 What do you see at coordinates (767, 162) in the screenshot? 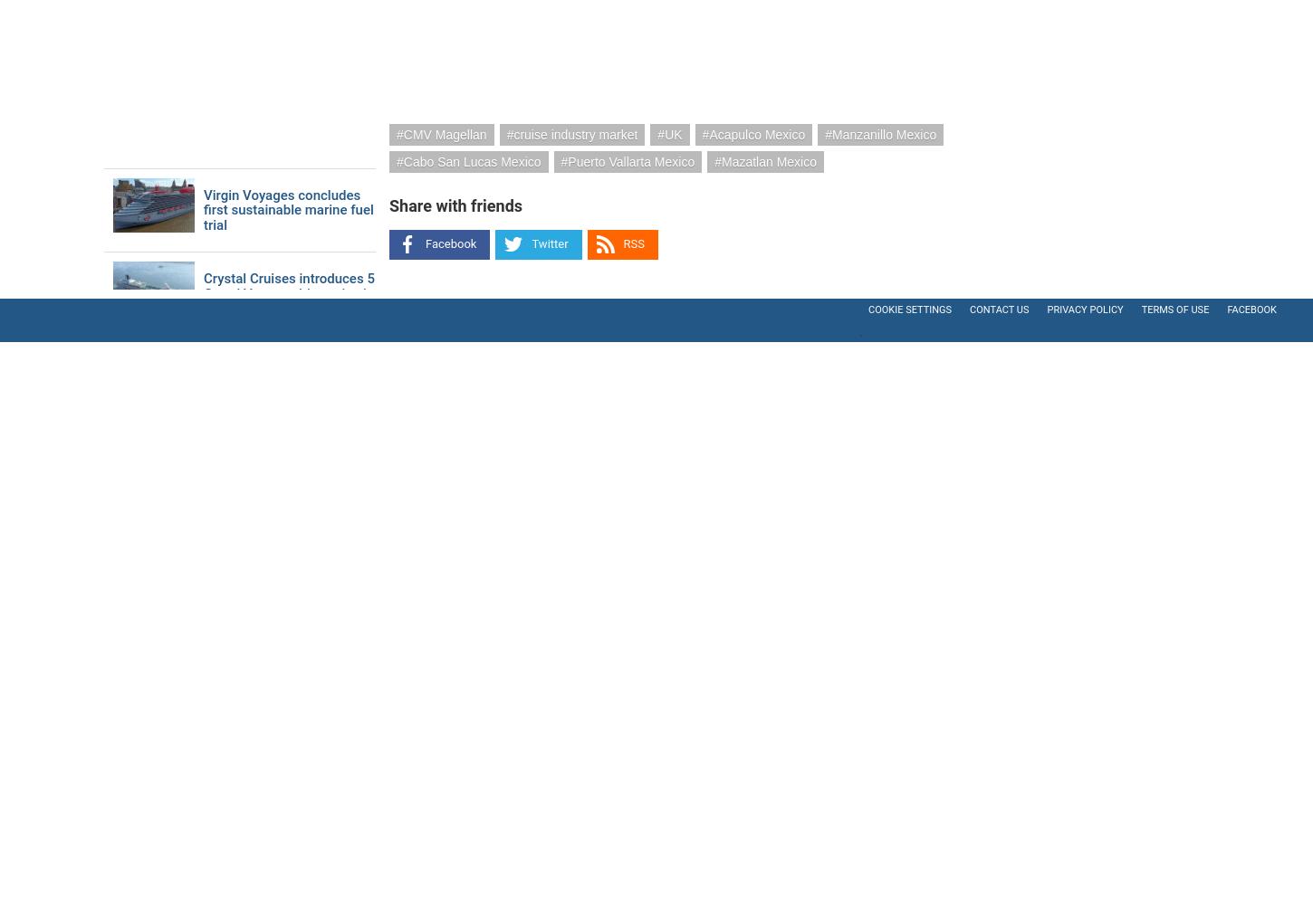
I see `'Mazatlan Mexico'` at bounding box center [767, 162].